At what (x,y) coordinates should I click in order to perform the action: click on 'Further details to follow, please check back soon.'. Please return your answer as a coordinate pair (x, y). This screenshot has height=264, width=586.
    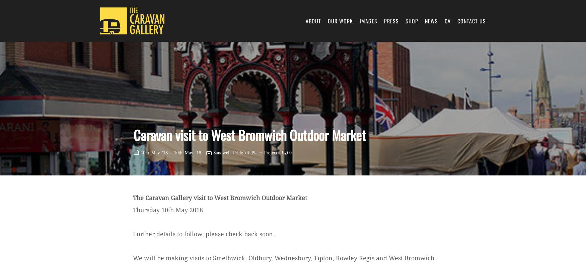
    Looking at the image, I should click on (204, 234).